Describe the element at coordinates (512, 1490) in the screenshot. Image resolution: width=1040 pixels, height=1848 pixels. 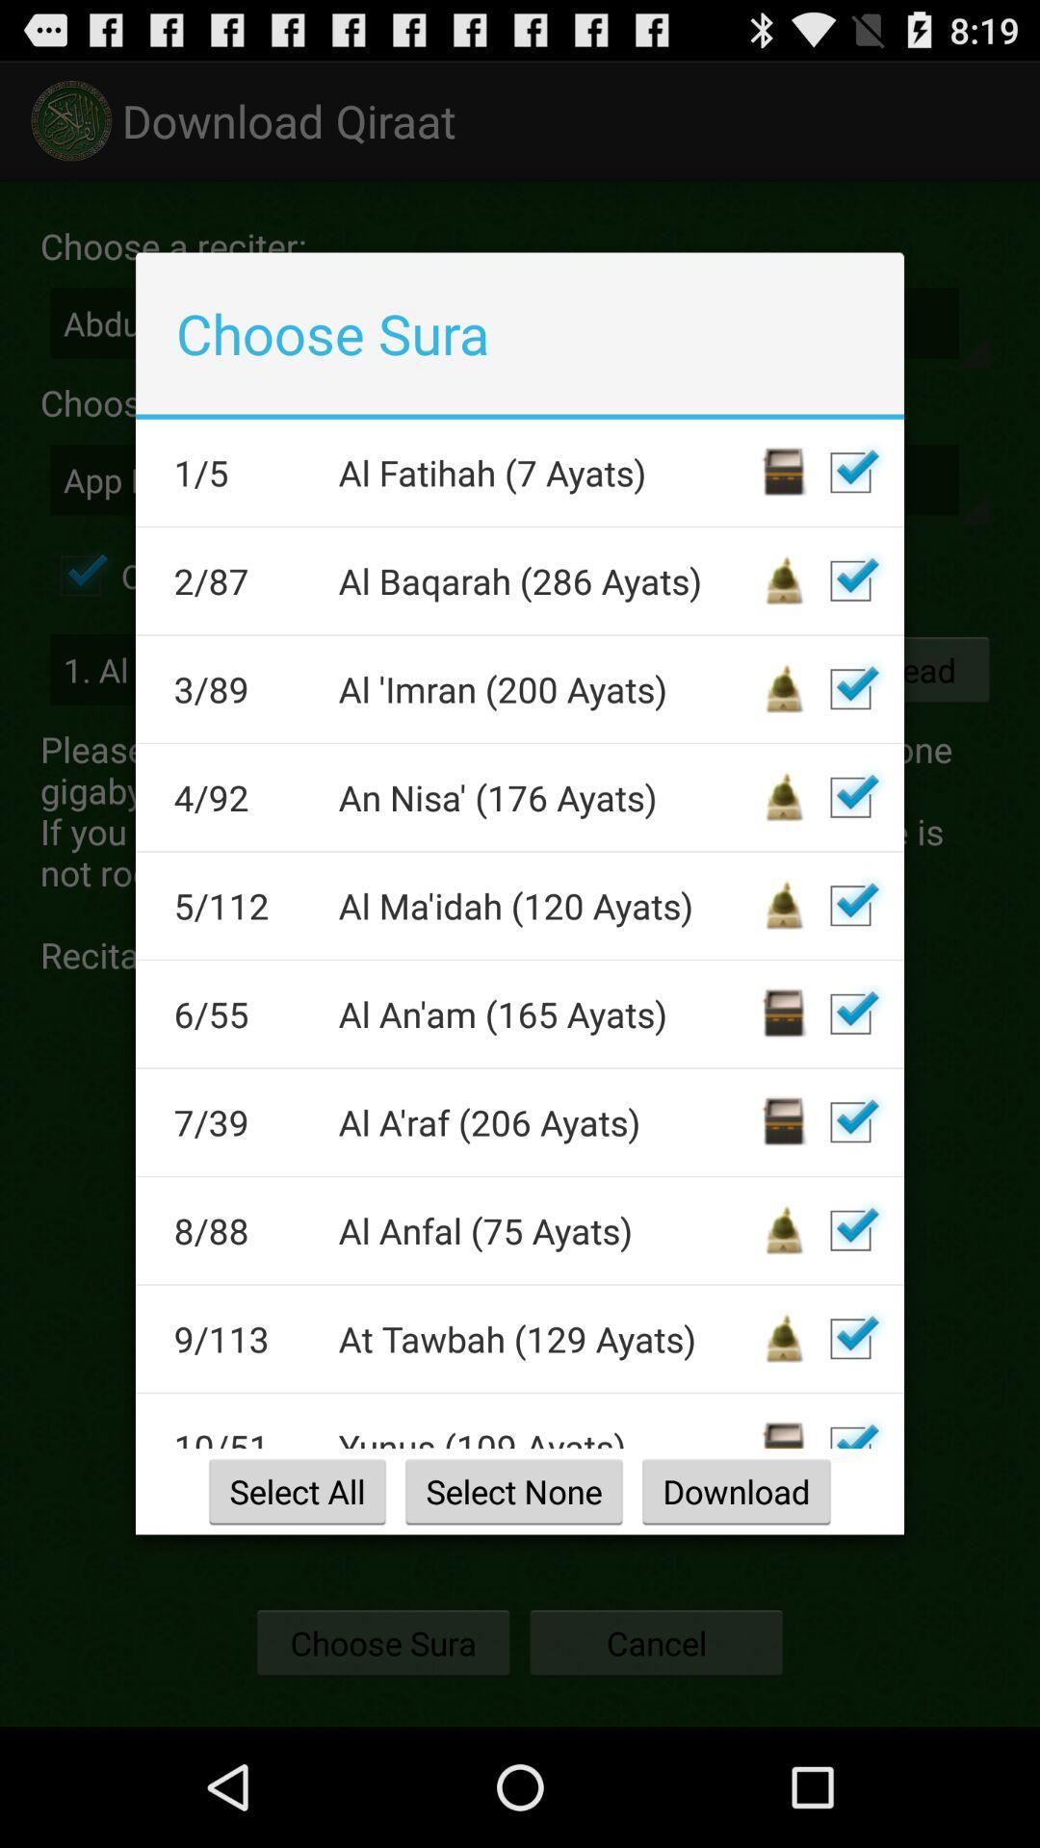
I see `select none button` at that location.